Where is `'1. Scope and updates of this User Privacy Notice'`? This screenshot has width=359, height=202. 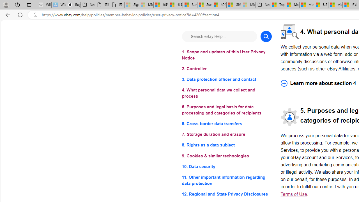
'1. Scope and updates of this User Privacy Notice' is located at coordinates (227, 55).